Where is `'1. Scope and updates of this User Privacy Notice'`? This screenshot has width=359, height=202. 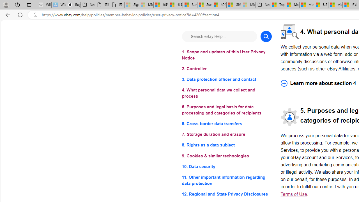
'1. Scope and updates of this User Privacy Notice' is located at coordinates (227, 55).